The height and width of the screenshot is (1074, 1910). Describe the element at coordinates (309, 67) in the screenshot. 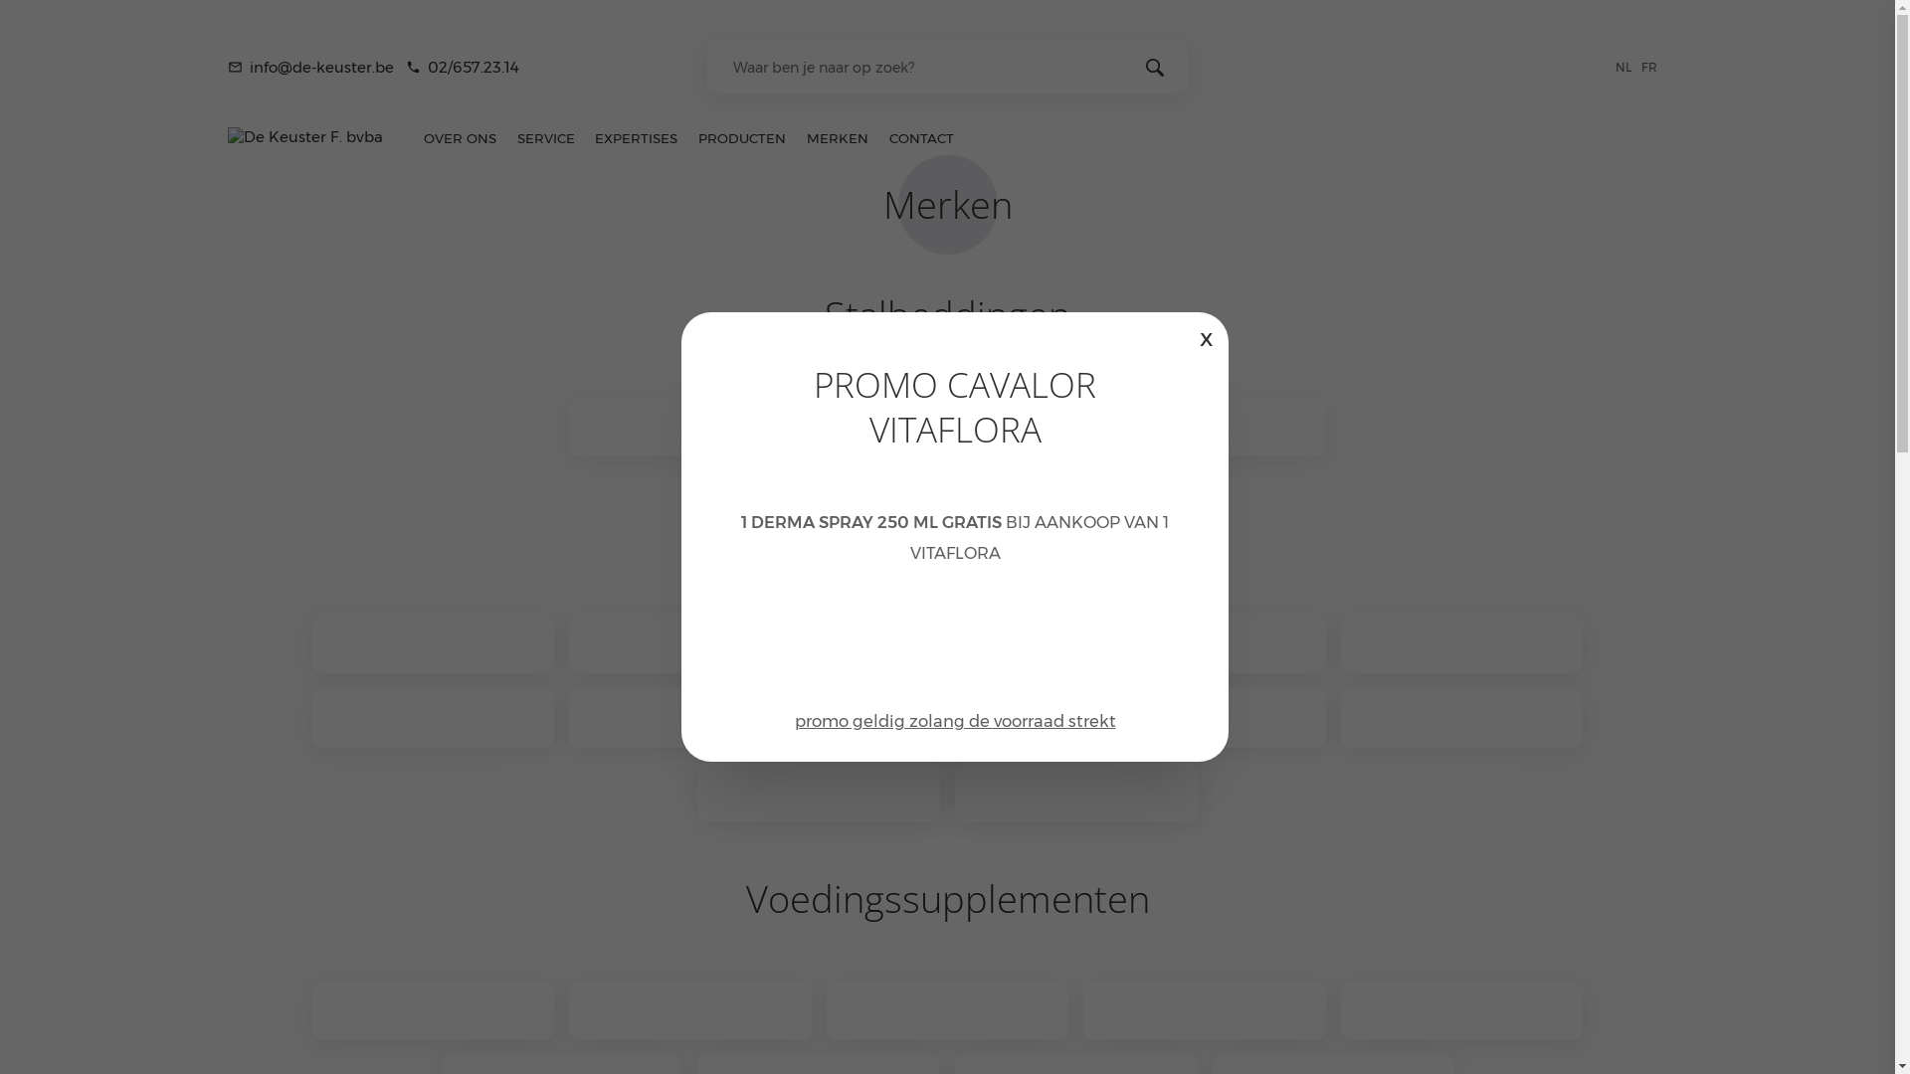

I see `'mail_outline` at that location.